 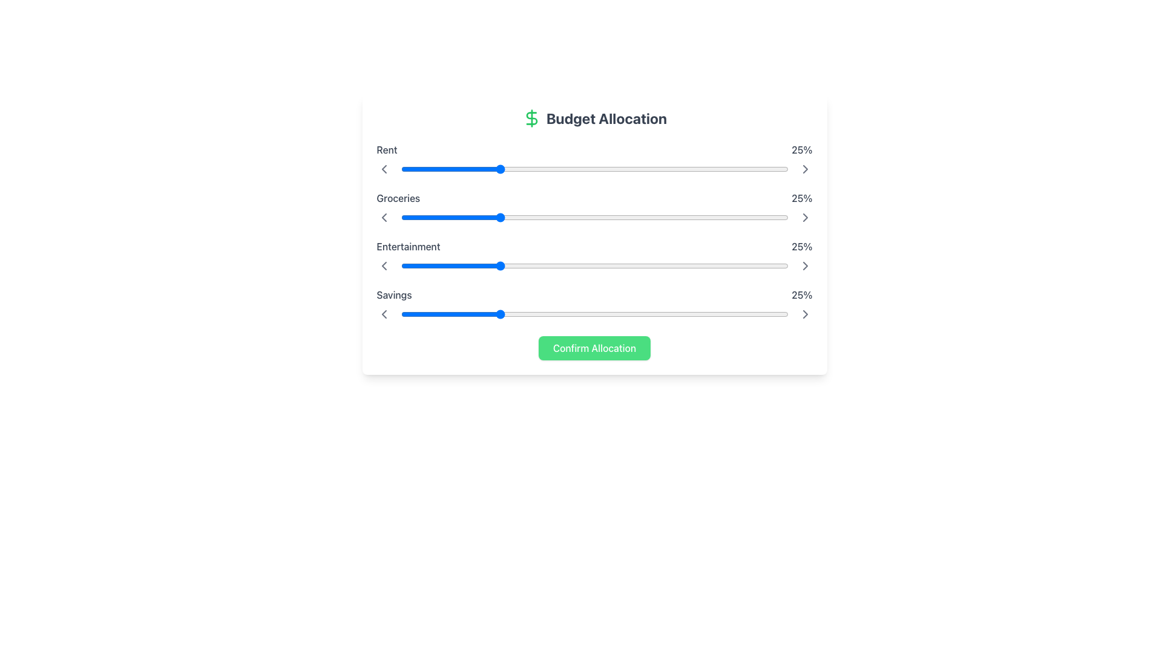 I want to click on the numeric values displayed within the budgeting-related controls and indicators in the centrally placed group element, so click(x=594, y=235).